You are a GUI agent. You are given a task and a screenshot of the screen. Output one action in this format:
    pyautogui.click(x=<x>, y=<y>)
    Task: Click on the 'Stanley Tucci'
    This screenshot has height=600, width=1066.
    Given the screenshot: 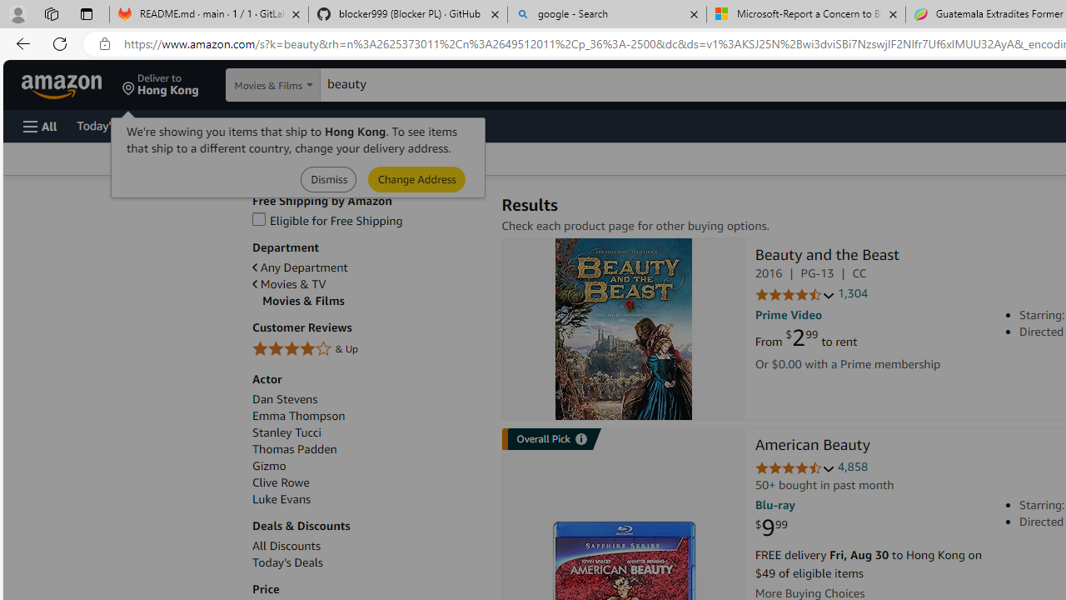 What is the action you would take?
    pyautogui.click(x=286, y=432)
    